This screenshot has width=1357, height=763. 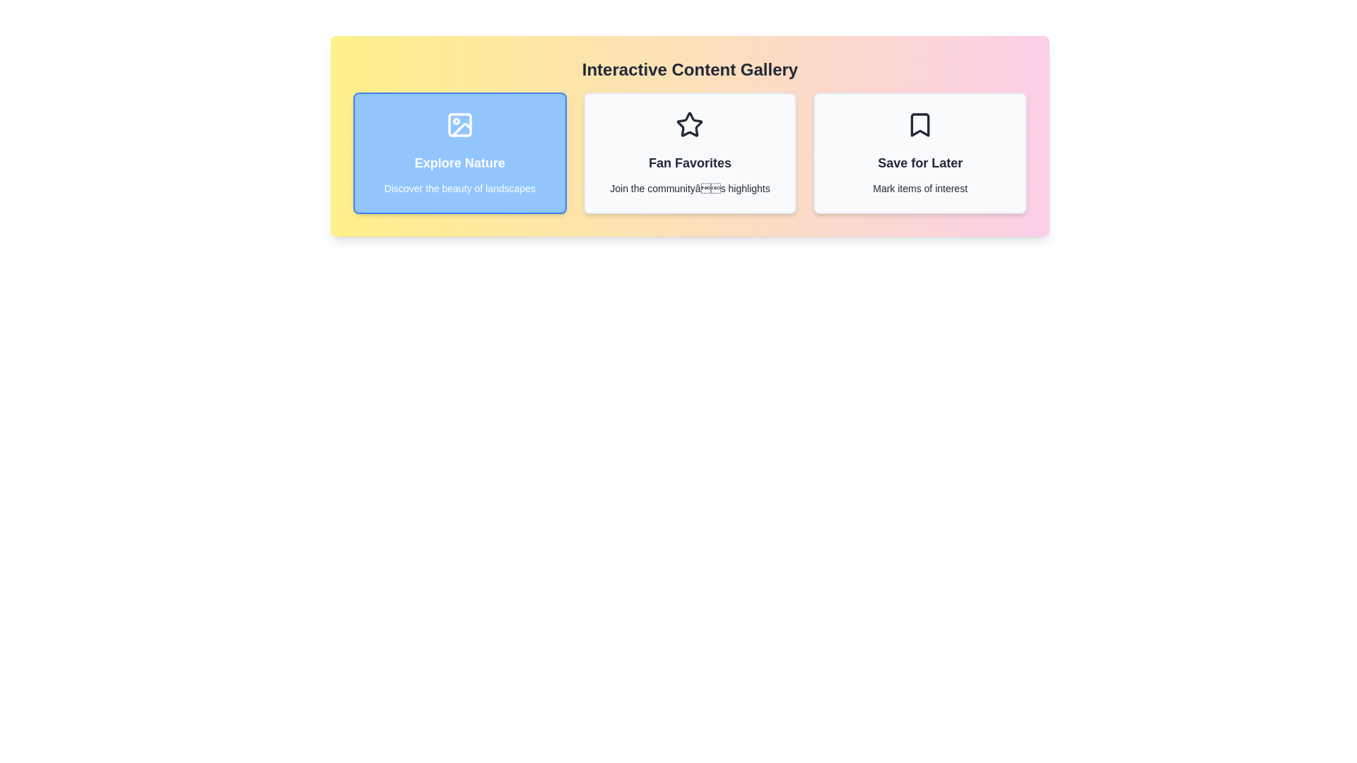 I want to click on the element Explore Nature for accessibility testing, so click(x=459, y=153).